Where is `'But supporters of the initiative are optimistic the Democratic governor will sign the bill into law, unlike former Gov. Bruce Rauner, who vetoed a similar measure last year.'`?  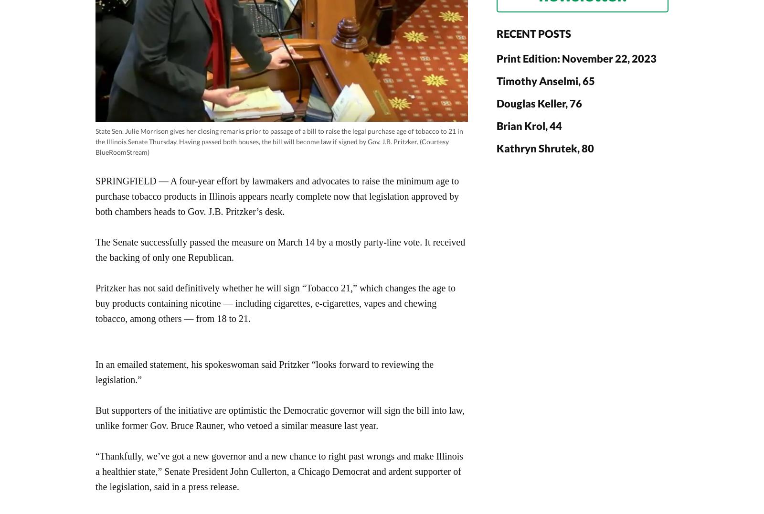 'But supporters of the initiative are optimistic the Democratic governor will sign the bill into law, unlike former Gov. Bruce Rauner, who vetoed a similar measure last year.' is located at coordinates (279, 418).